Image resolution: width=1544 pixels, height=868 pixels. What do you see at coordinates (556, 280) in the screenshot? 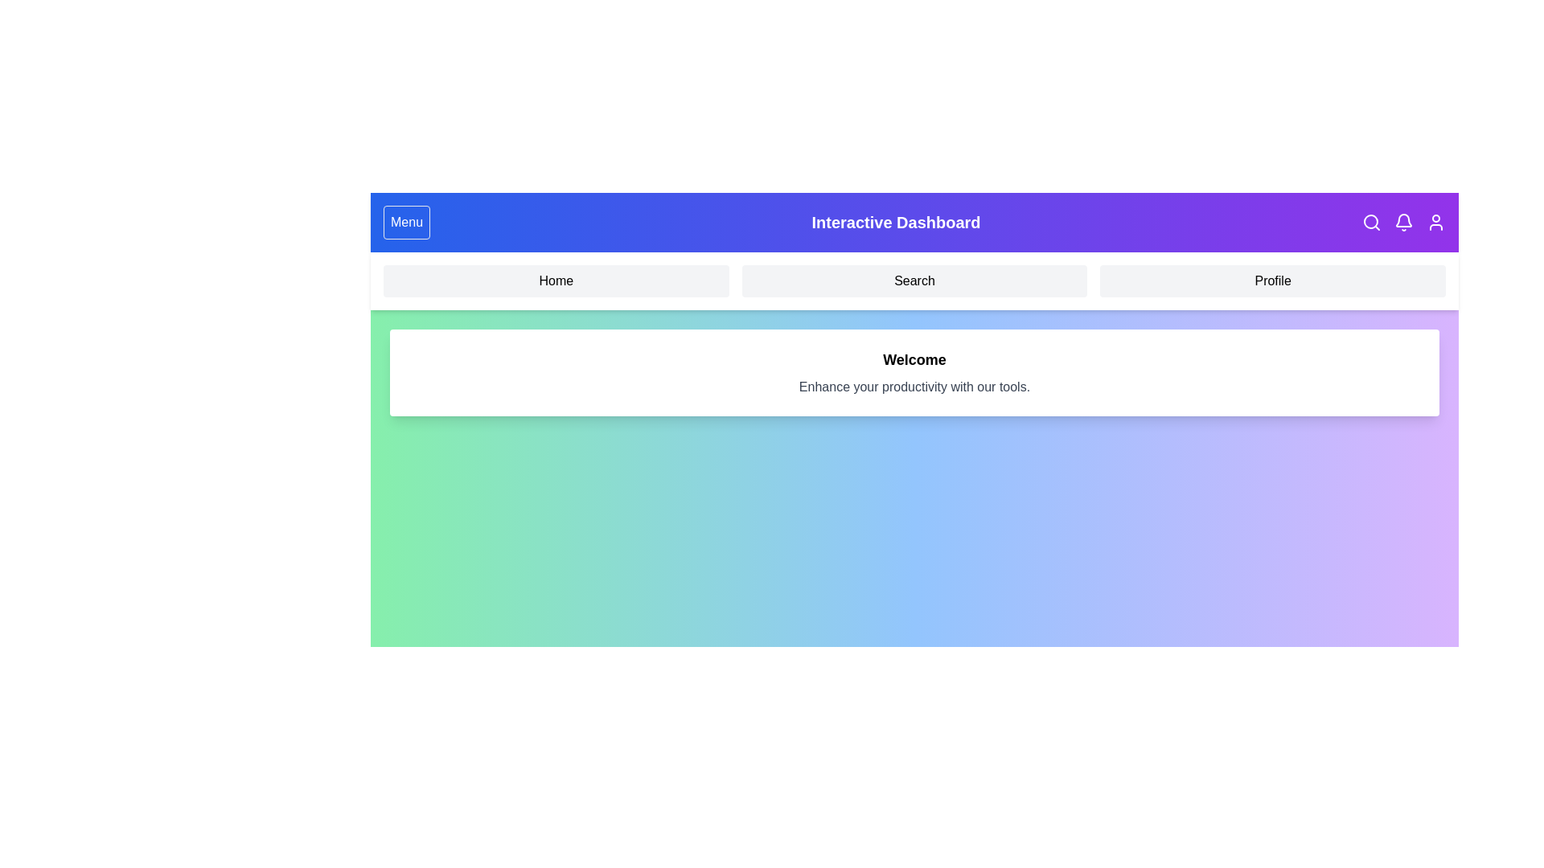
I see `the 'Home' link in the menu` at bounding box center [556, 280].